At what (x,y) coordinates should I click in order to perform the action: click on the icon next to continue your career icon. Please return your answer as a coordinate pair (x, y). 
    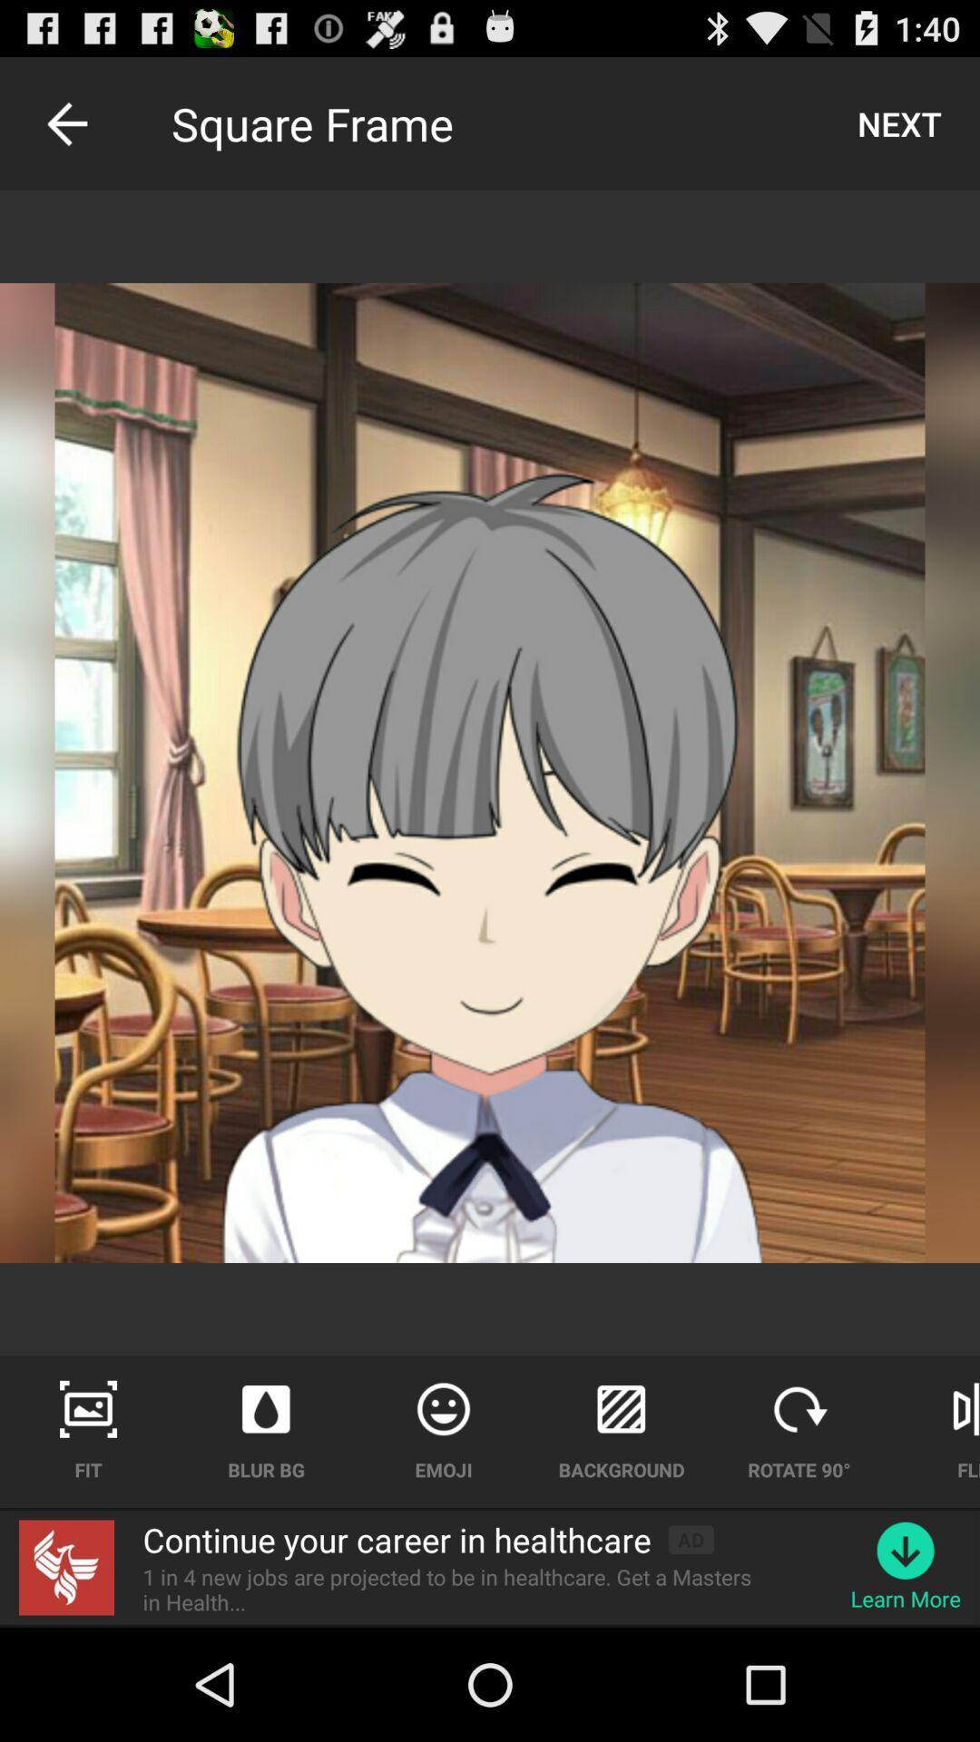
    Looking at the image, I should click on (65, 1567).